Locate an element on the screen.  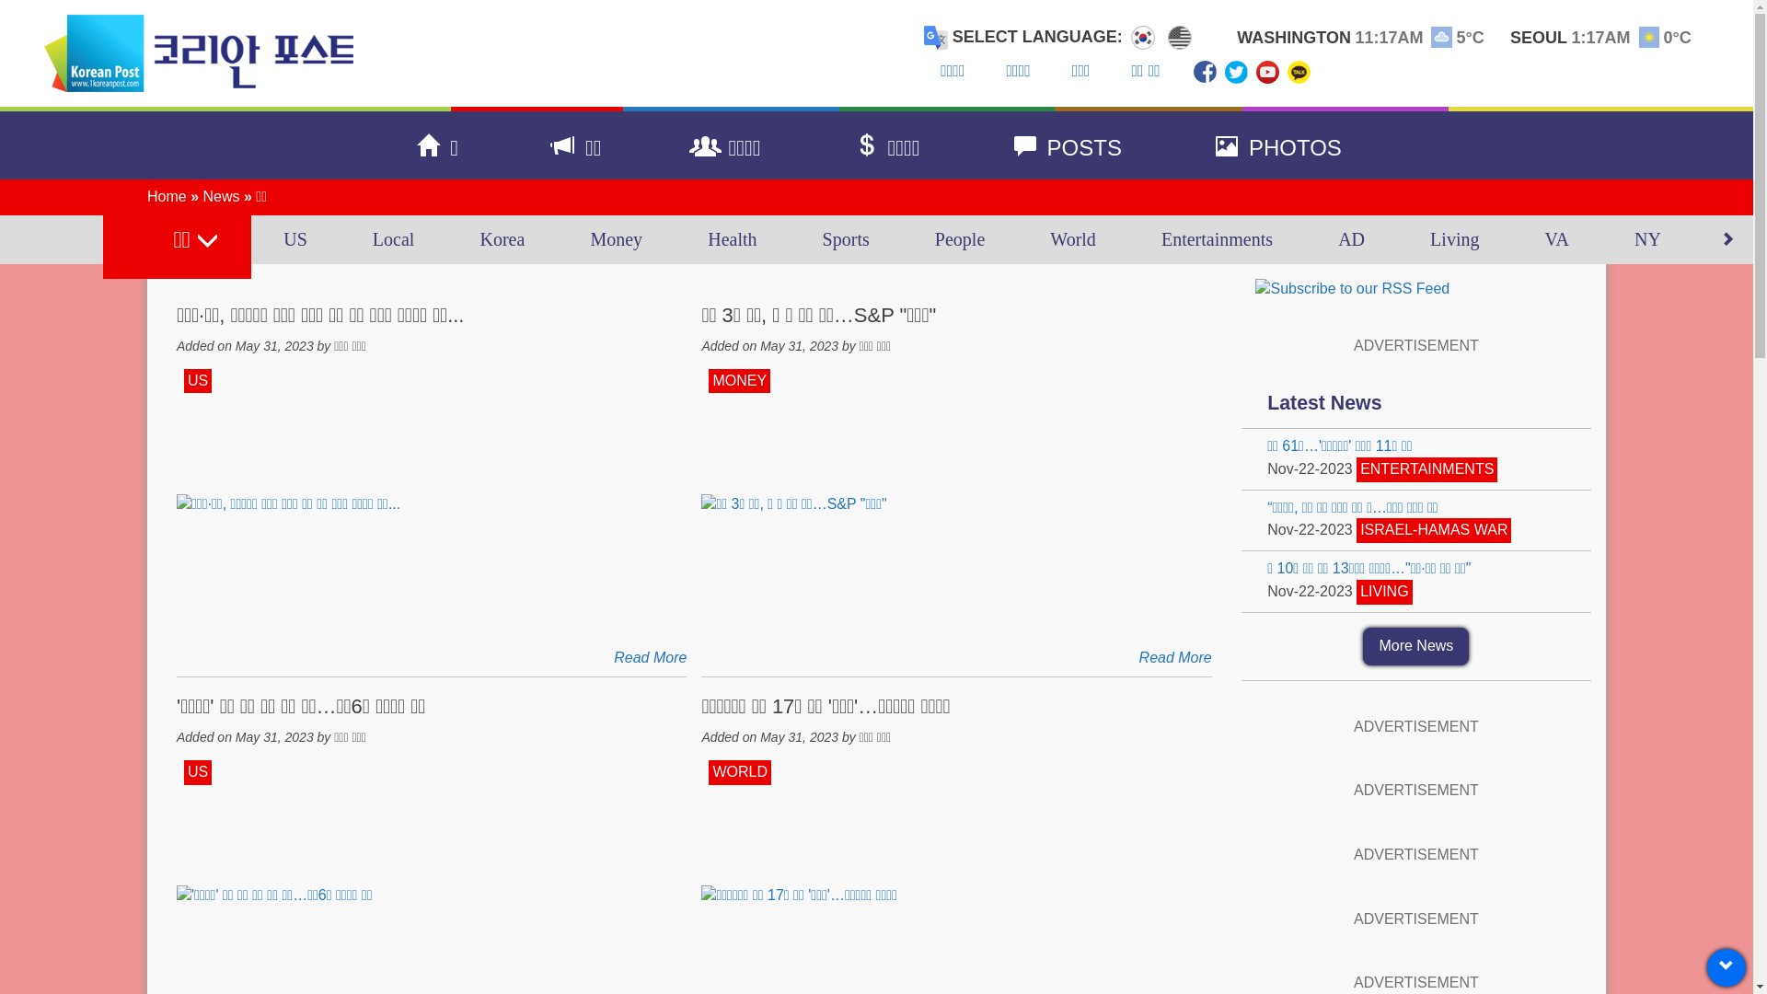
'WORLD' is located at coordinates (740, 772).